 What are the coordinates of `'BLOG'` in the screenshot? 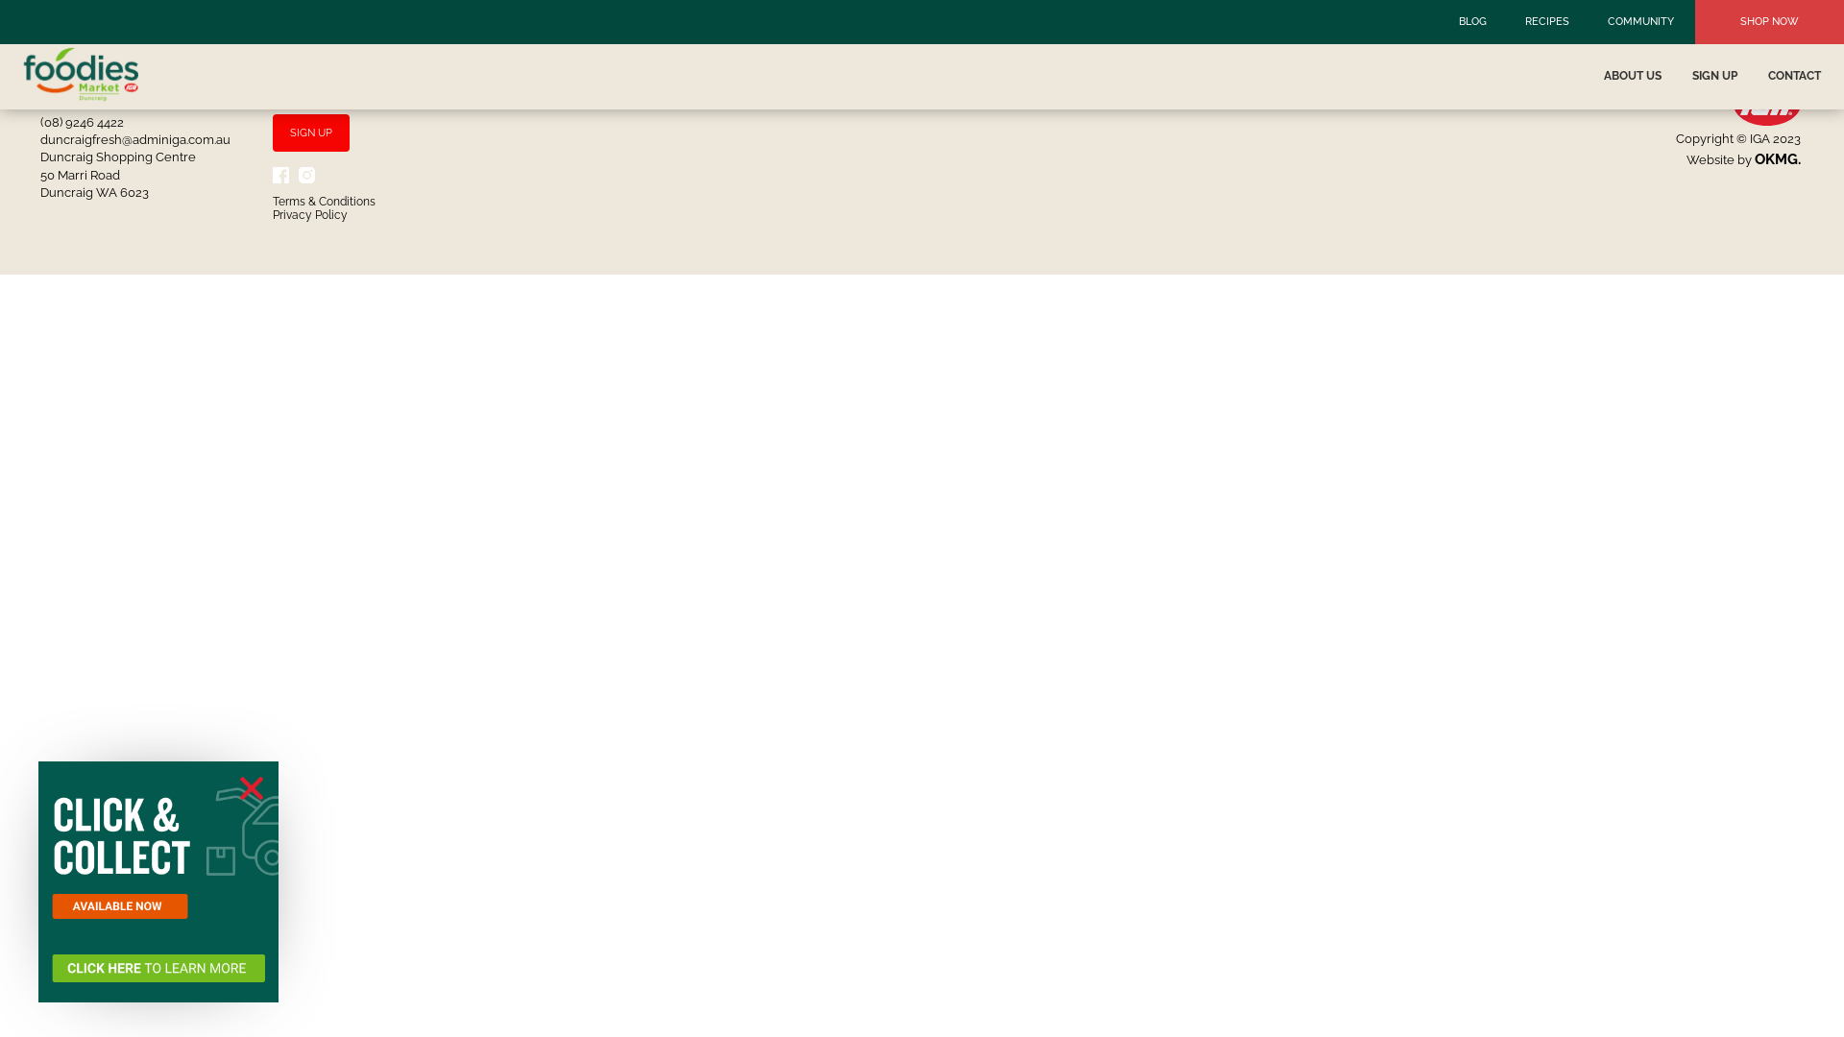 It's located at (1442, 22).